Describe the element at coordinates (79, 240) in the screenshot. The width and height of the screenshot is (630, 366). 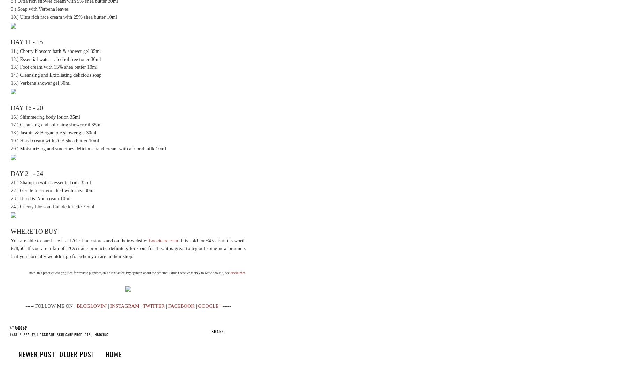
I see `'You are able to purchase it at L'Occitane stores and on their website:'` at that location.